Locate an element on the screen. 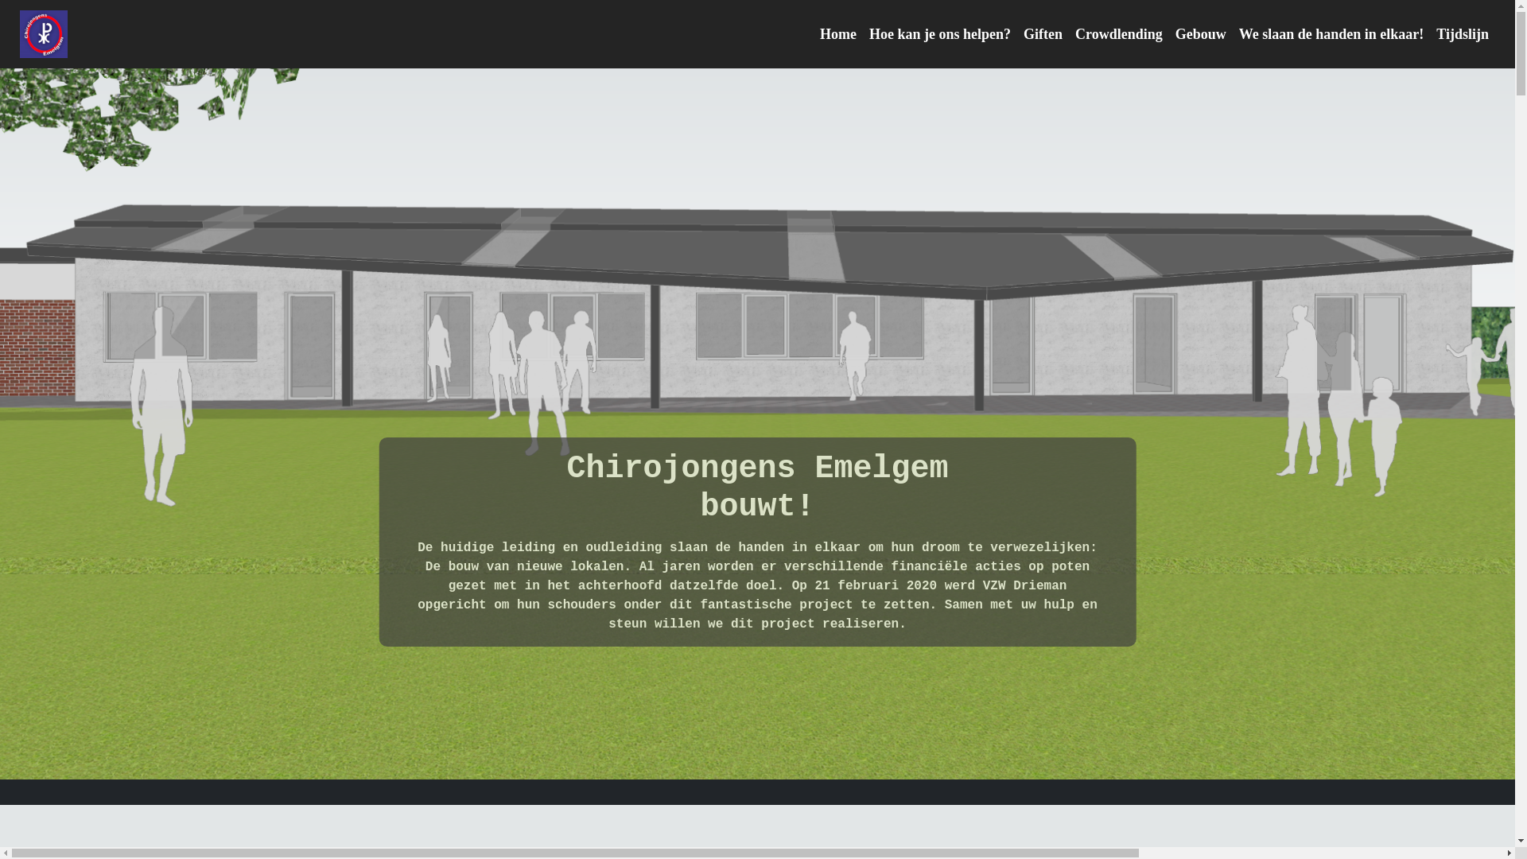 The height and width of the screenshot is (859, 1527). 'Hoe kan je ons helpen?' is located at coordinates (939, 34).